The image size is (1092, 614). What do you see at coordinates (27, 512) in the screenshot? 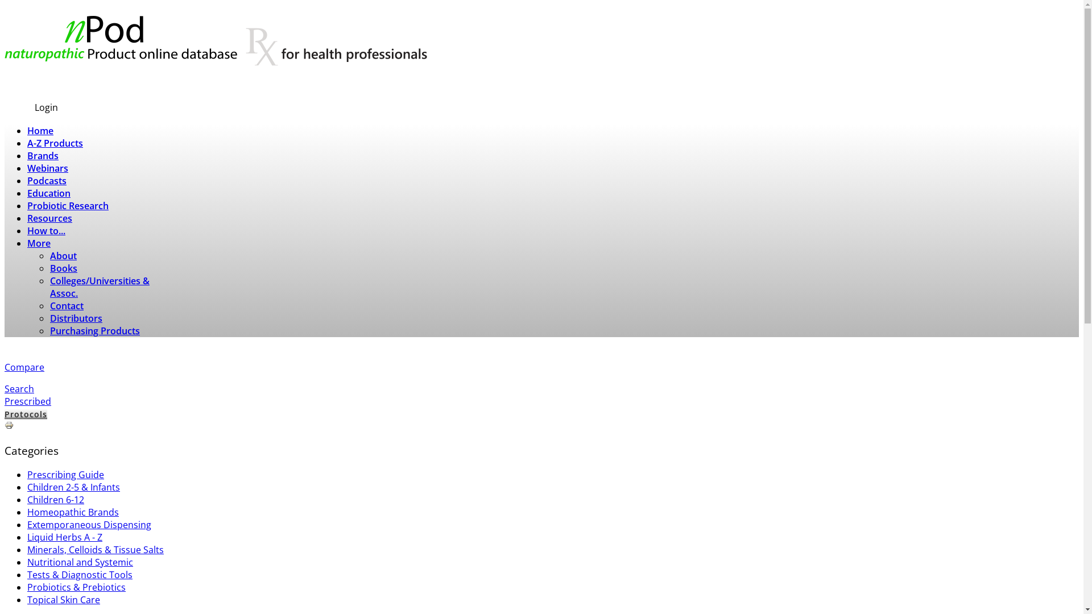
I see `'Homeopathic Brands'` at bounding box center [27, 512].